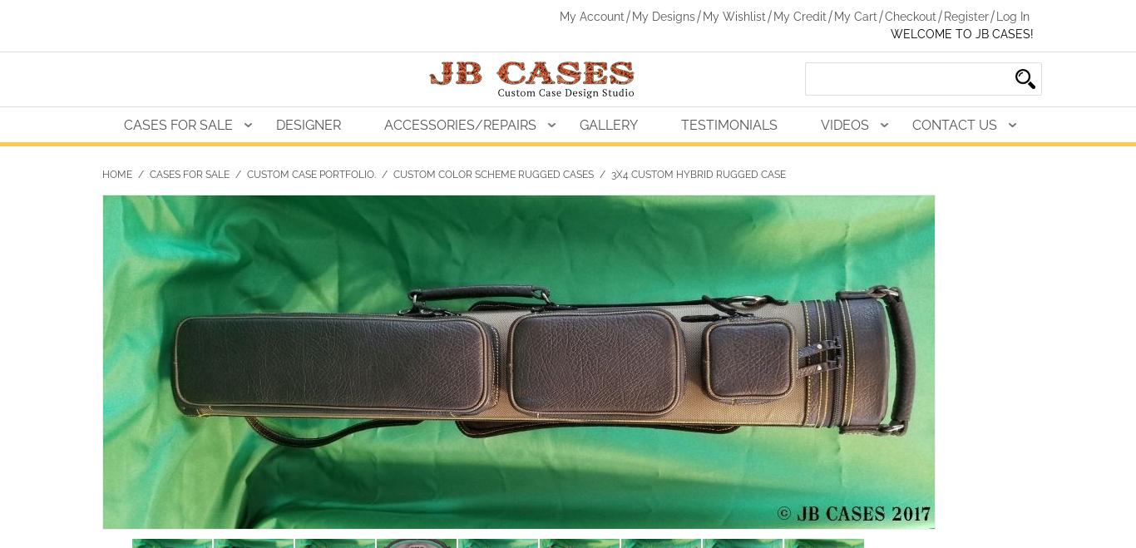 This screenshot has width=1136, height=548. I want to click on 'My Designs', so click(663, 16).